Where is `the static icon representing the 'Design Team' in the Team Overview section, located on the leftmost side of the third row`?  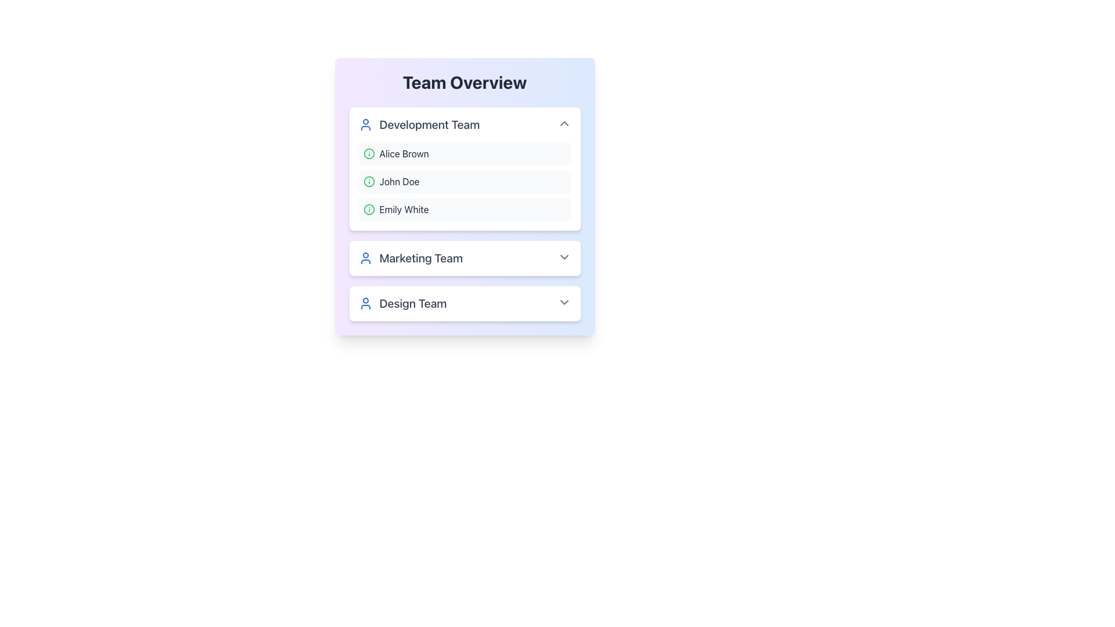 the static icon representing the 'Design Team' in the Team Overview section, located on the leftmost side of the third row is located at coordinates (365, 303).